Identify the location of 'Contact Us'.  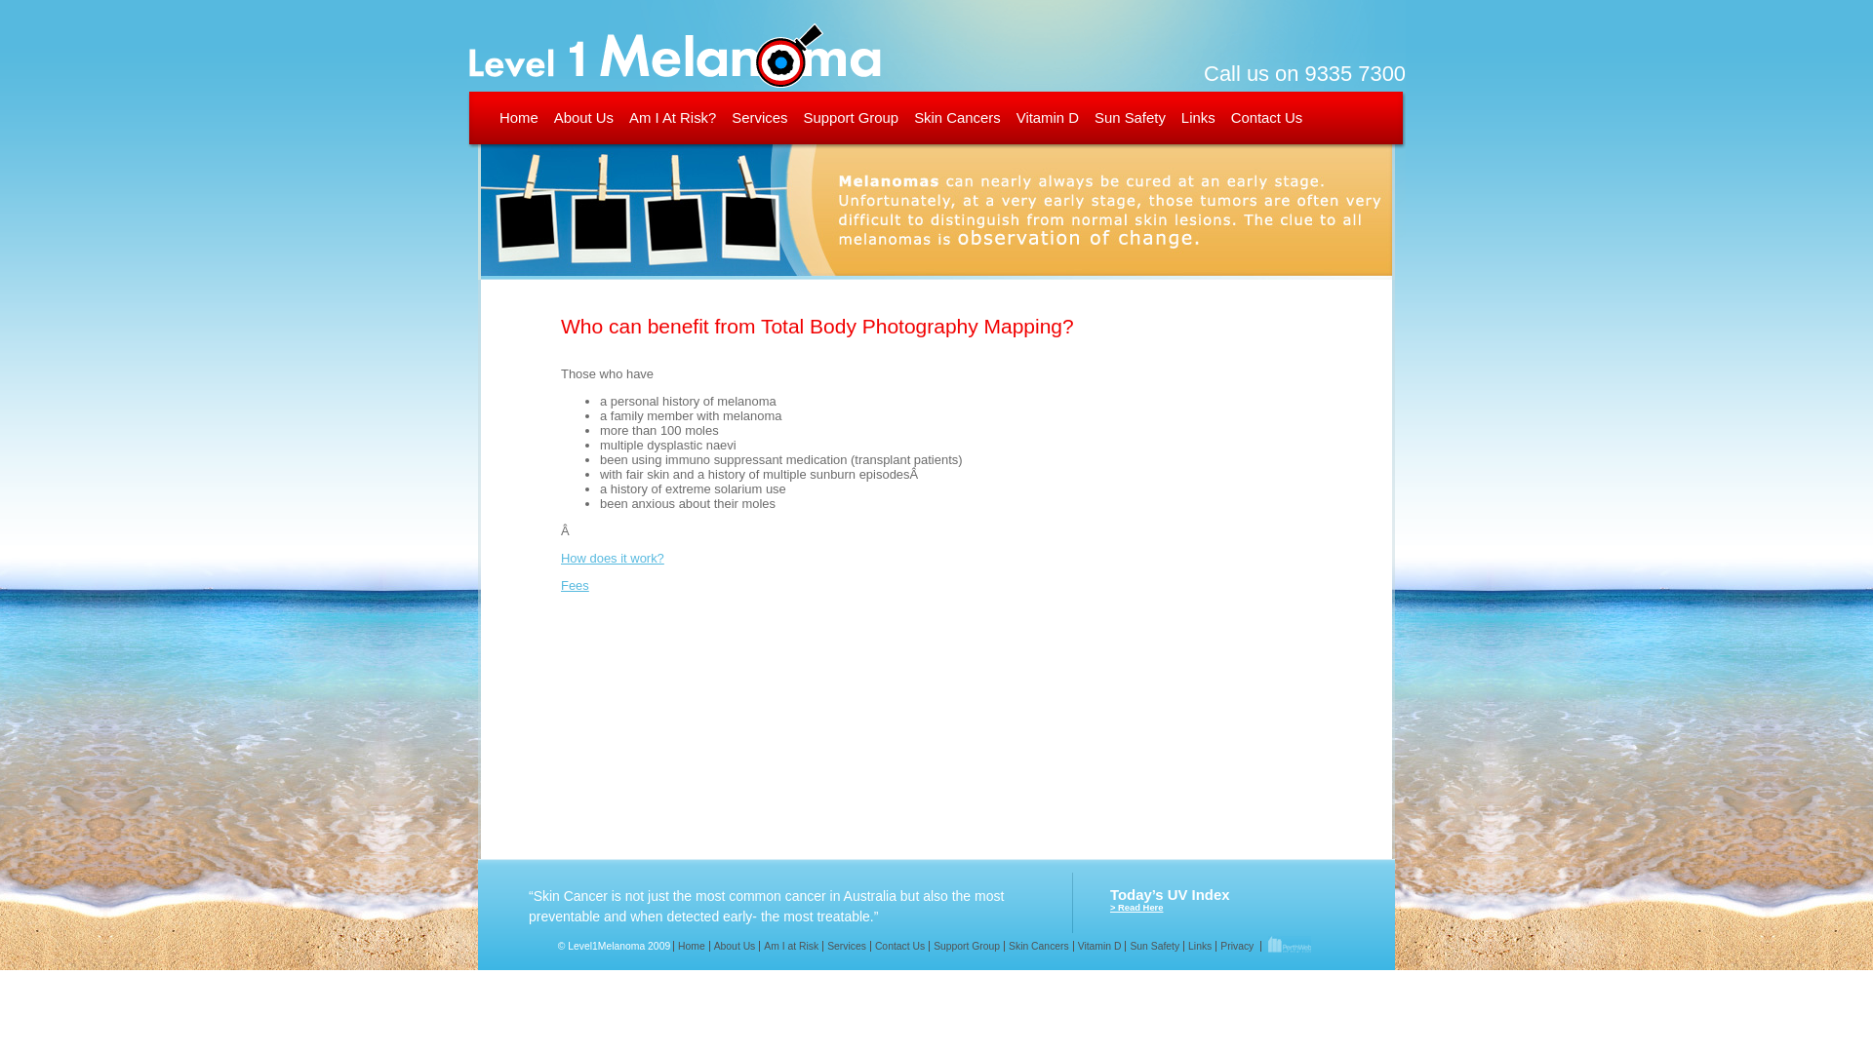
(897, 945).